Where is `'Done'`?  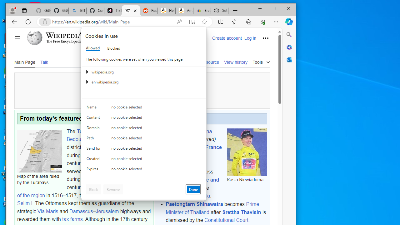
'Done' is located at coordinates (193, 189).